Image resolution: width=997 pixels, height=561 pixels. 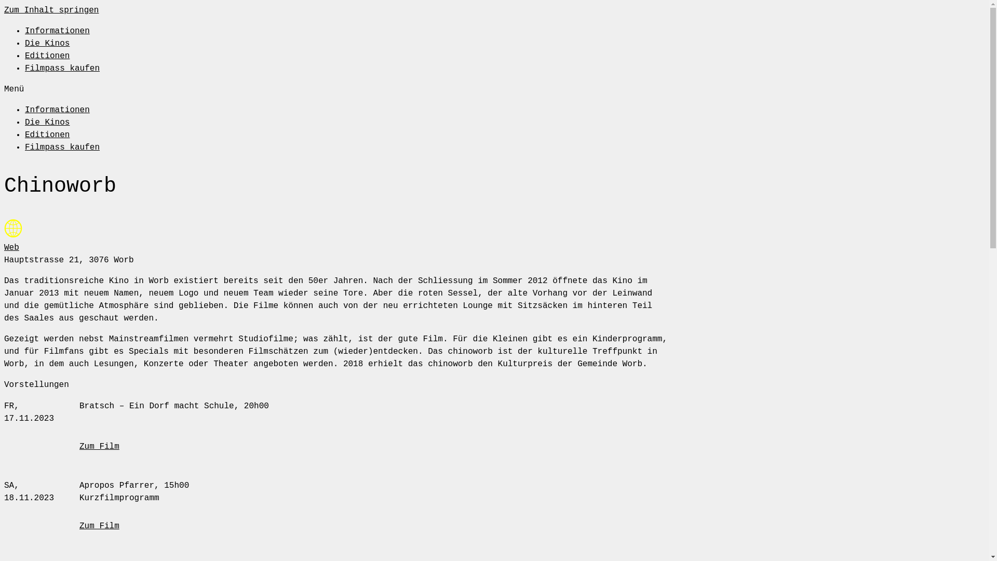 I want to click on 'Zum Film', so click(x=99, y=526).